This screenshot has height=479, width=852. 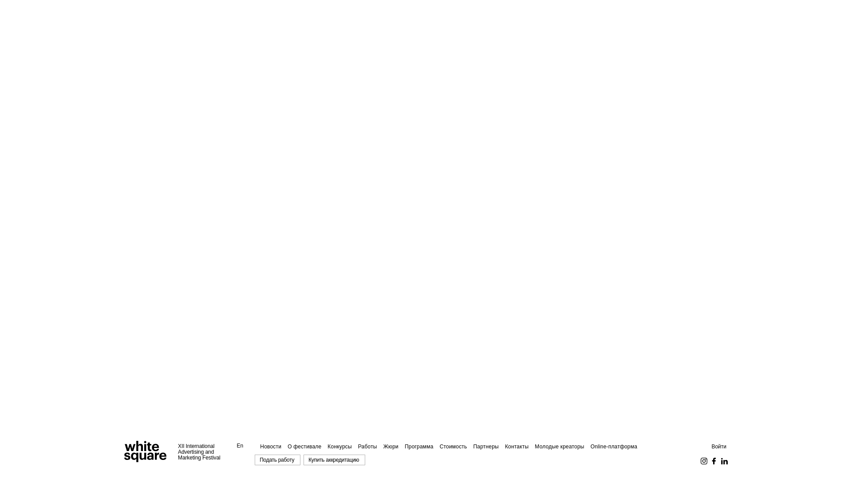 What do you see at coordinates (240, 446) in the screenshot?
I see `'En'` at bounding box center [240, 446].